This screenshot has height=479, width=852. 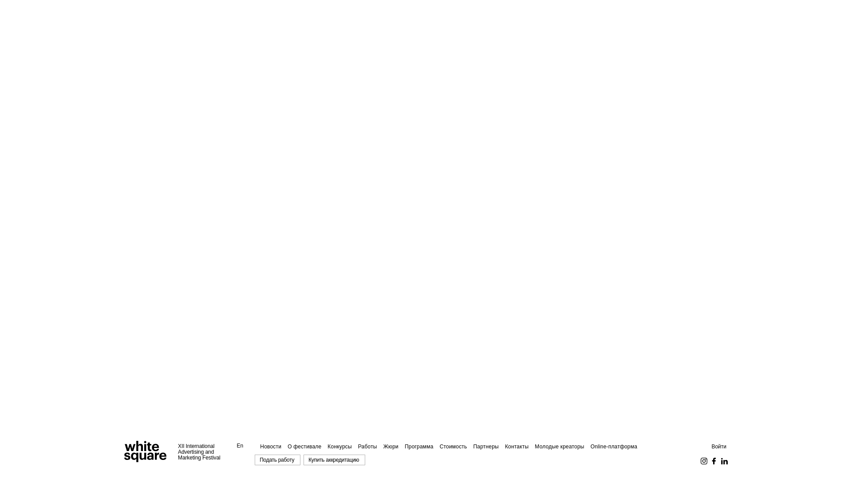 What do you see at coordinates (240, 446) in the screenshot?
I see `'En'` at bounding box center [240, 446].